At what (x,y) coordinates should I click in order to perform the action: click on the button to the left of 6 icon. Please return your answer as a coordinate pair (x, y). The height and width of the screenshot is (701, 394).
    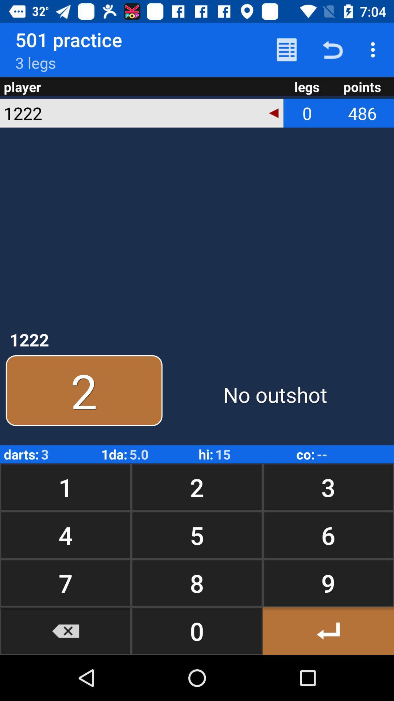
    Looking at the image, I should click on (197, 583).